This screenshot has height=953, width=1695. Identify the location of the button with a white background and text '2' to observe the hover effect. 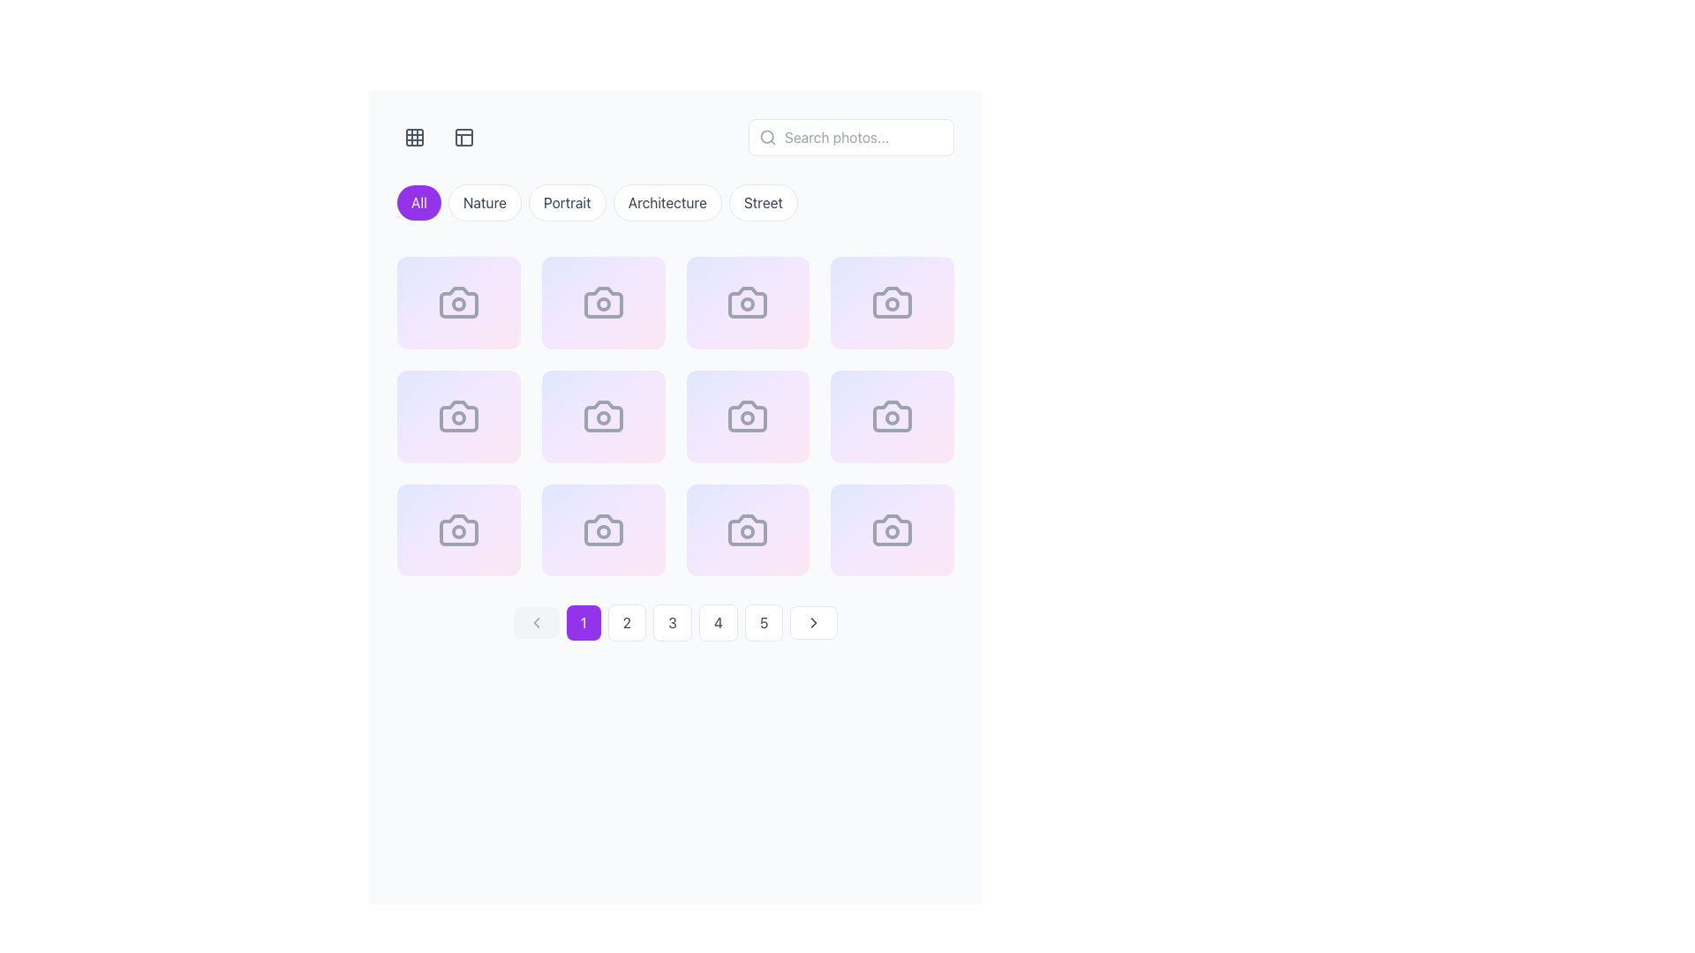
(627, 622).